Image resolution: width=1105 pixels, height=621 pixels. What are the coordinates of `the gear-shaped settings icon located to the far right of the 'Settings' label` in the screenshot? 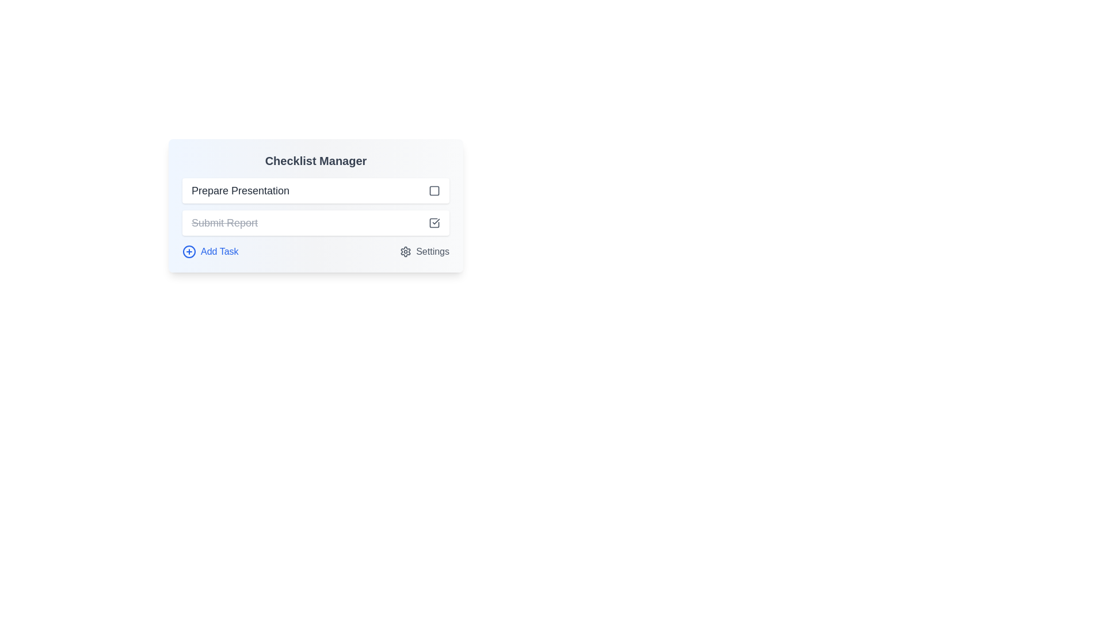 It's located at (406, 251).